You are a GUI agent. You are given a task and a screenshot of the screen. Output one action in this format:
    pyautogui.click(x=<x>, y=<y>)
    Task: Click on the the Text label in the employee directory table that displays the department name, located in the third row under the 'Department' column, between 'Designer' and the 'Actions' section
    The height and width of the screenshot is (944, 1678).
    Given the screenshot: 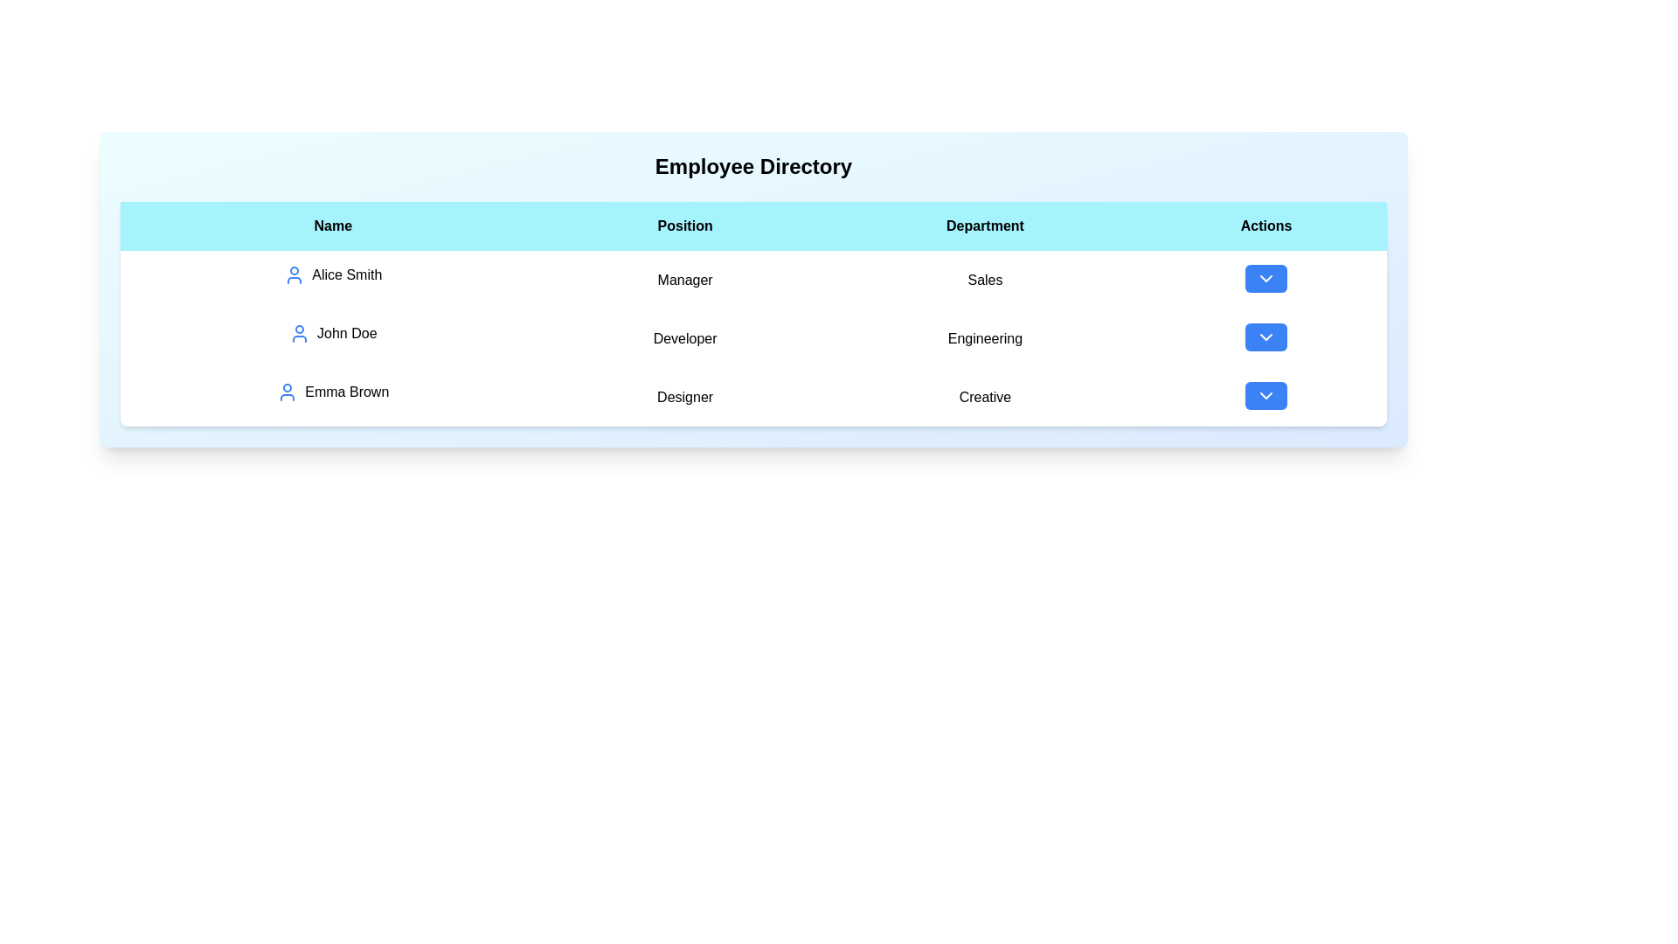 What is the action you would take?
    pyautogui.click(x=985, y=397)
    